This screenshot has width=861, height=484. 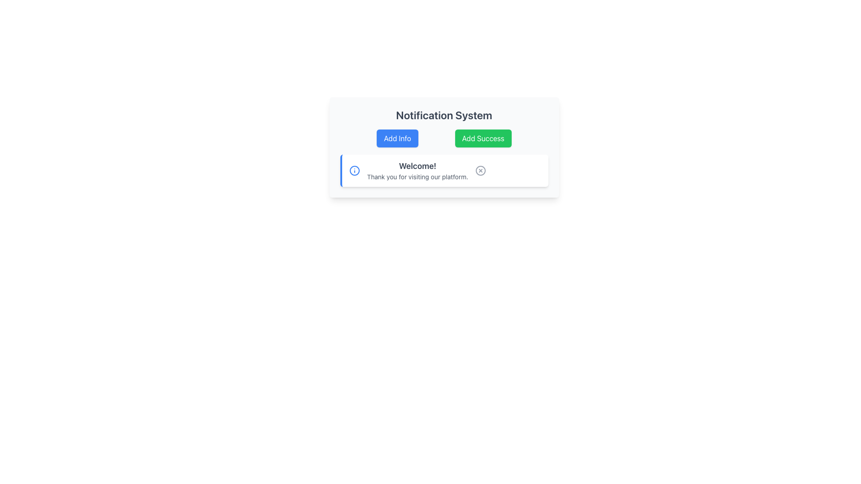 What do you see at coordinates (417, 171) in the screenshot?
I see `the static text block displaying 'Welcome!' and 'Thank you for visiting our platform.' which is centrally located in the notification card` at bounding box center [417, 171].